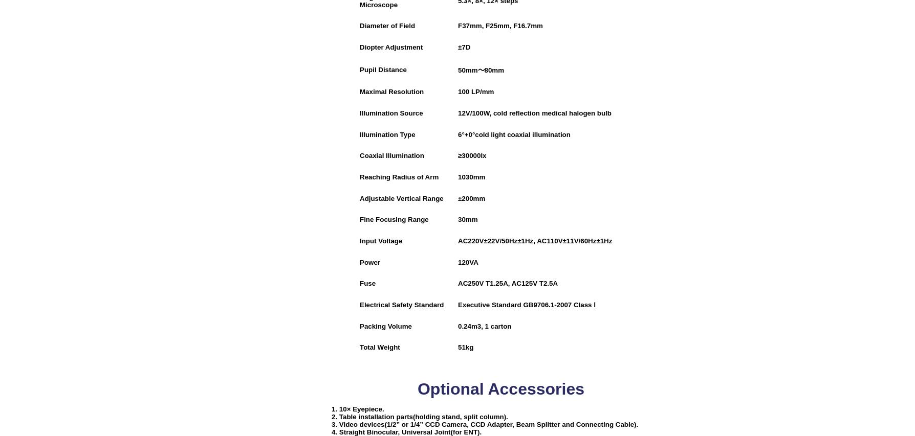 The image size is (915, 436). What do you see at coordinates (500, 26) in the screenshot?
I see `'F37mm, F25mm, F16.7mm'` at bounding box center [500, 26].